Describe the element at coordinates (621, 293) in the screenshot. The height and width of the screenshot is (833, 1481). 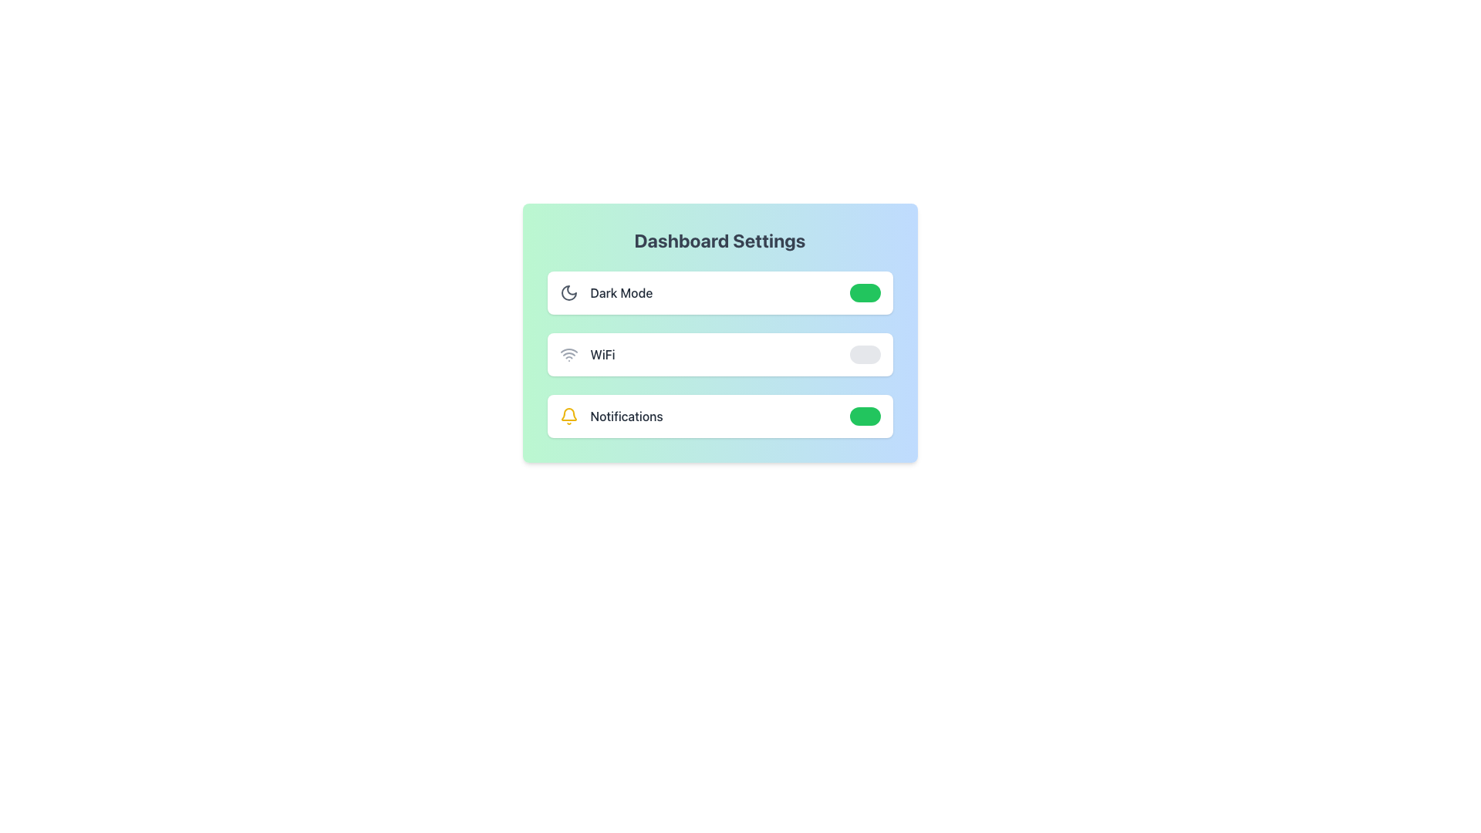
I see `the label that describes the functionality of the adjacent toggle switch for dark mode settings, located between a moon icon and the toggle switch in the Dashboard Settings section` at that location.